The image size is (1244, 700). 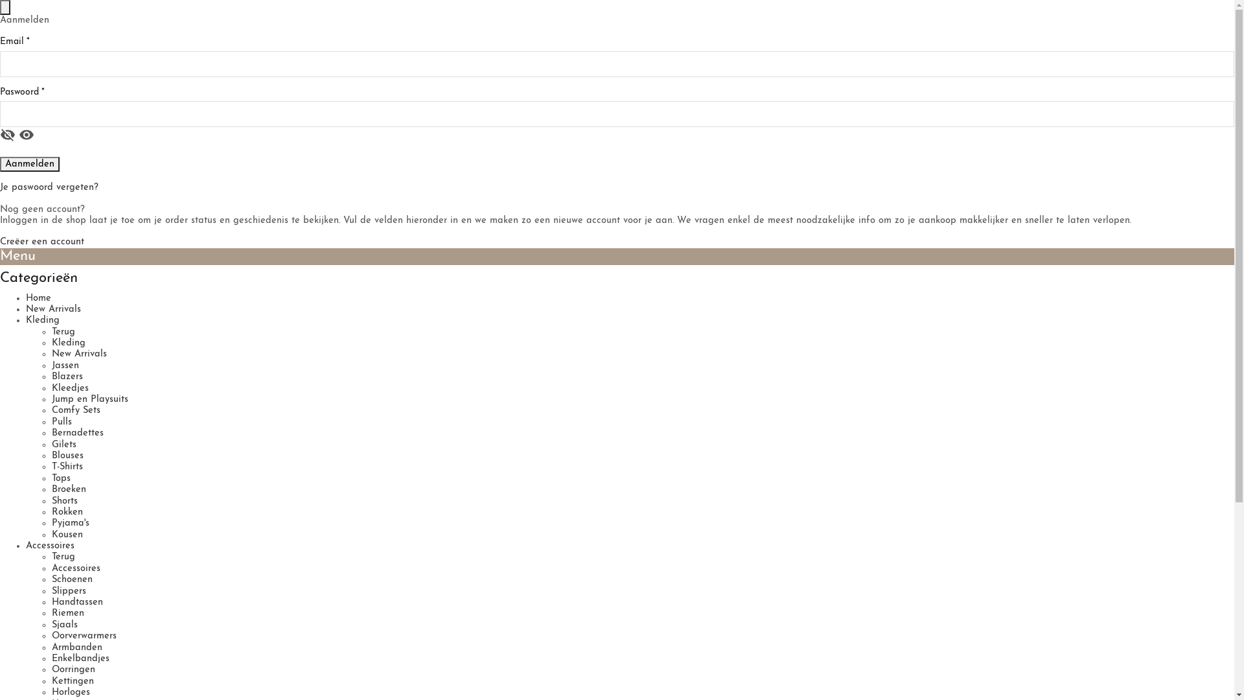 What do you see at coordinates (76, 602) in the screenshot?
I see `'Handtassen'` at bounding box center [76, 602].